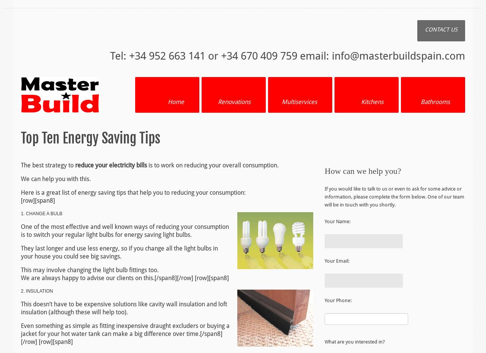 This screenshot has height=353, width=486. Describe the element at coordinates (398, 56) in the screenshot. I see `'info@masterbuildspain.com'` at that location.